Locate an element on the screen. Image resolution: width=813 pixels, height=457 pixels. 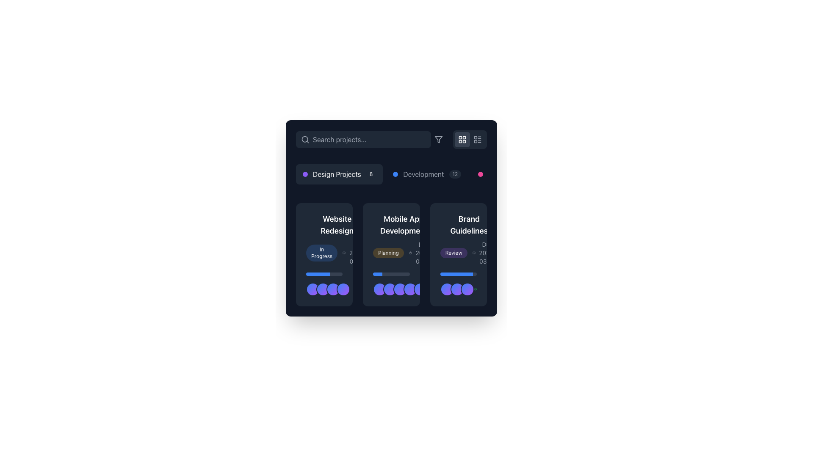
the second project card labeled 'Mobile App Development' which is styled with a dark rounded border and positioned centrally in a three-column grid layout is located at coordinates (391, 254).